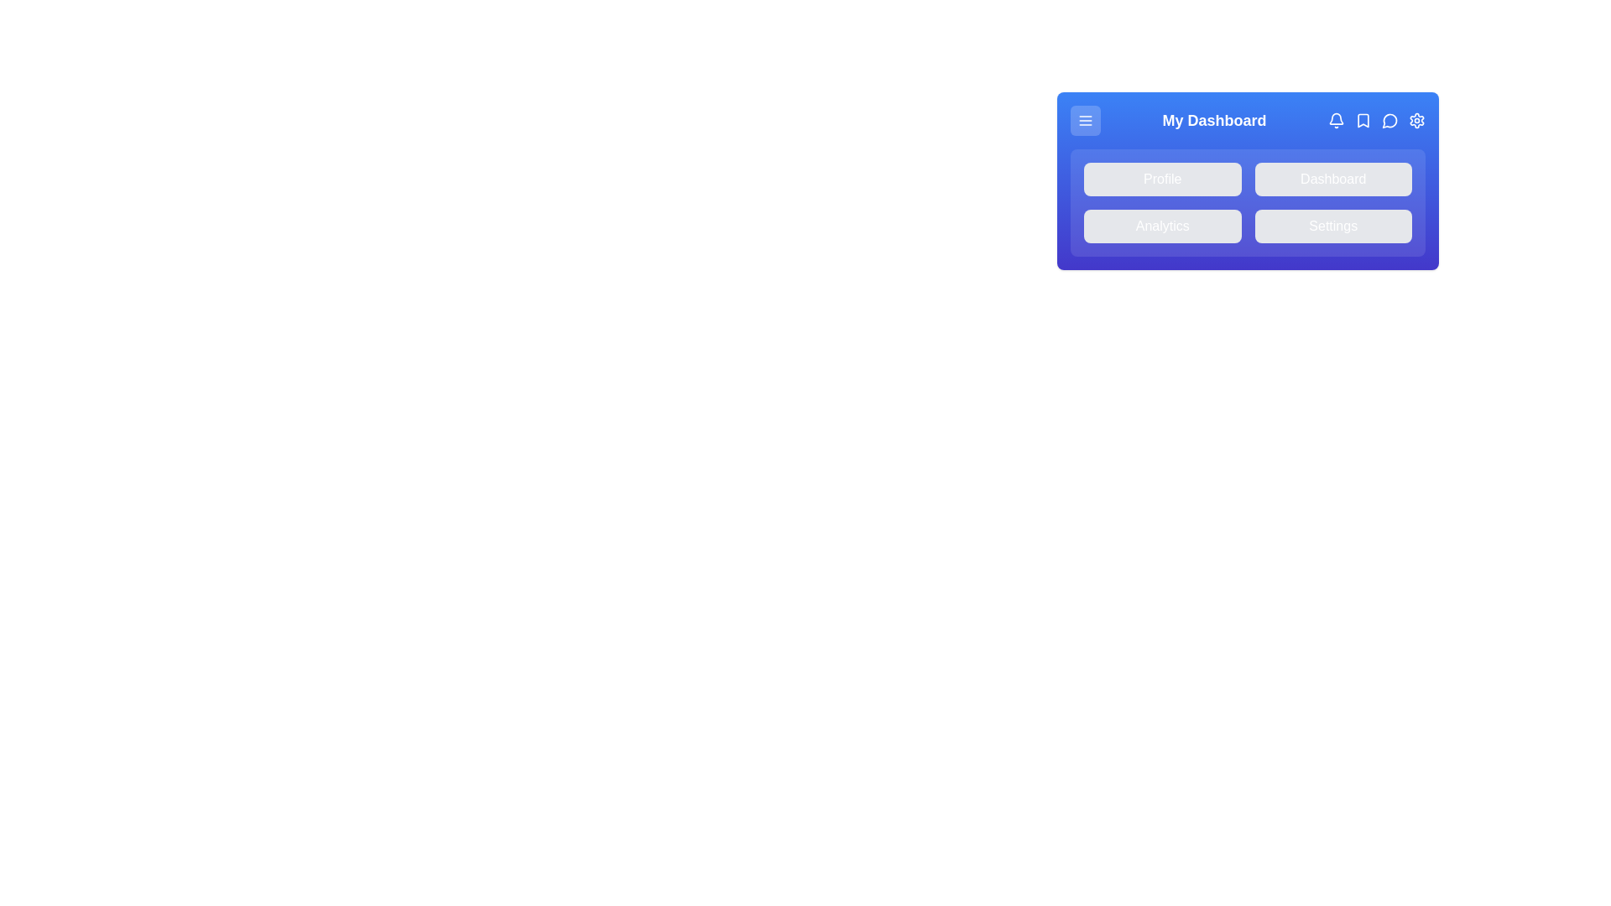  Describe the element at coordinates (1161, 226) in the screenshot. I see `the 'Analytics' button in the menu` at that location.